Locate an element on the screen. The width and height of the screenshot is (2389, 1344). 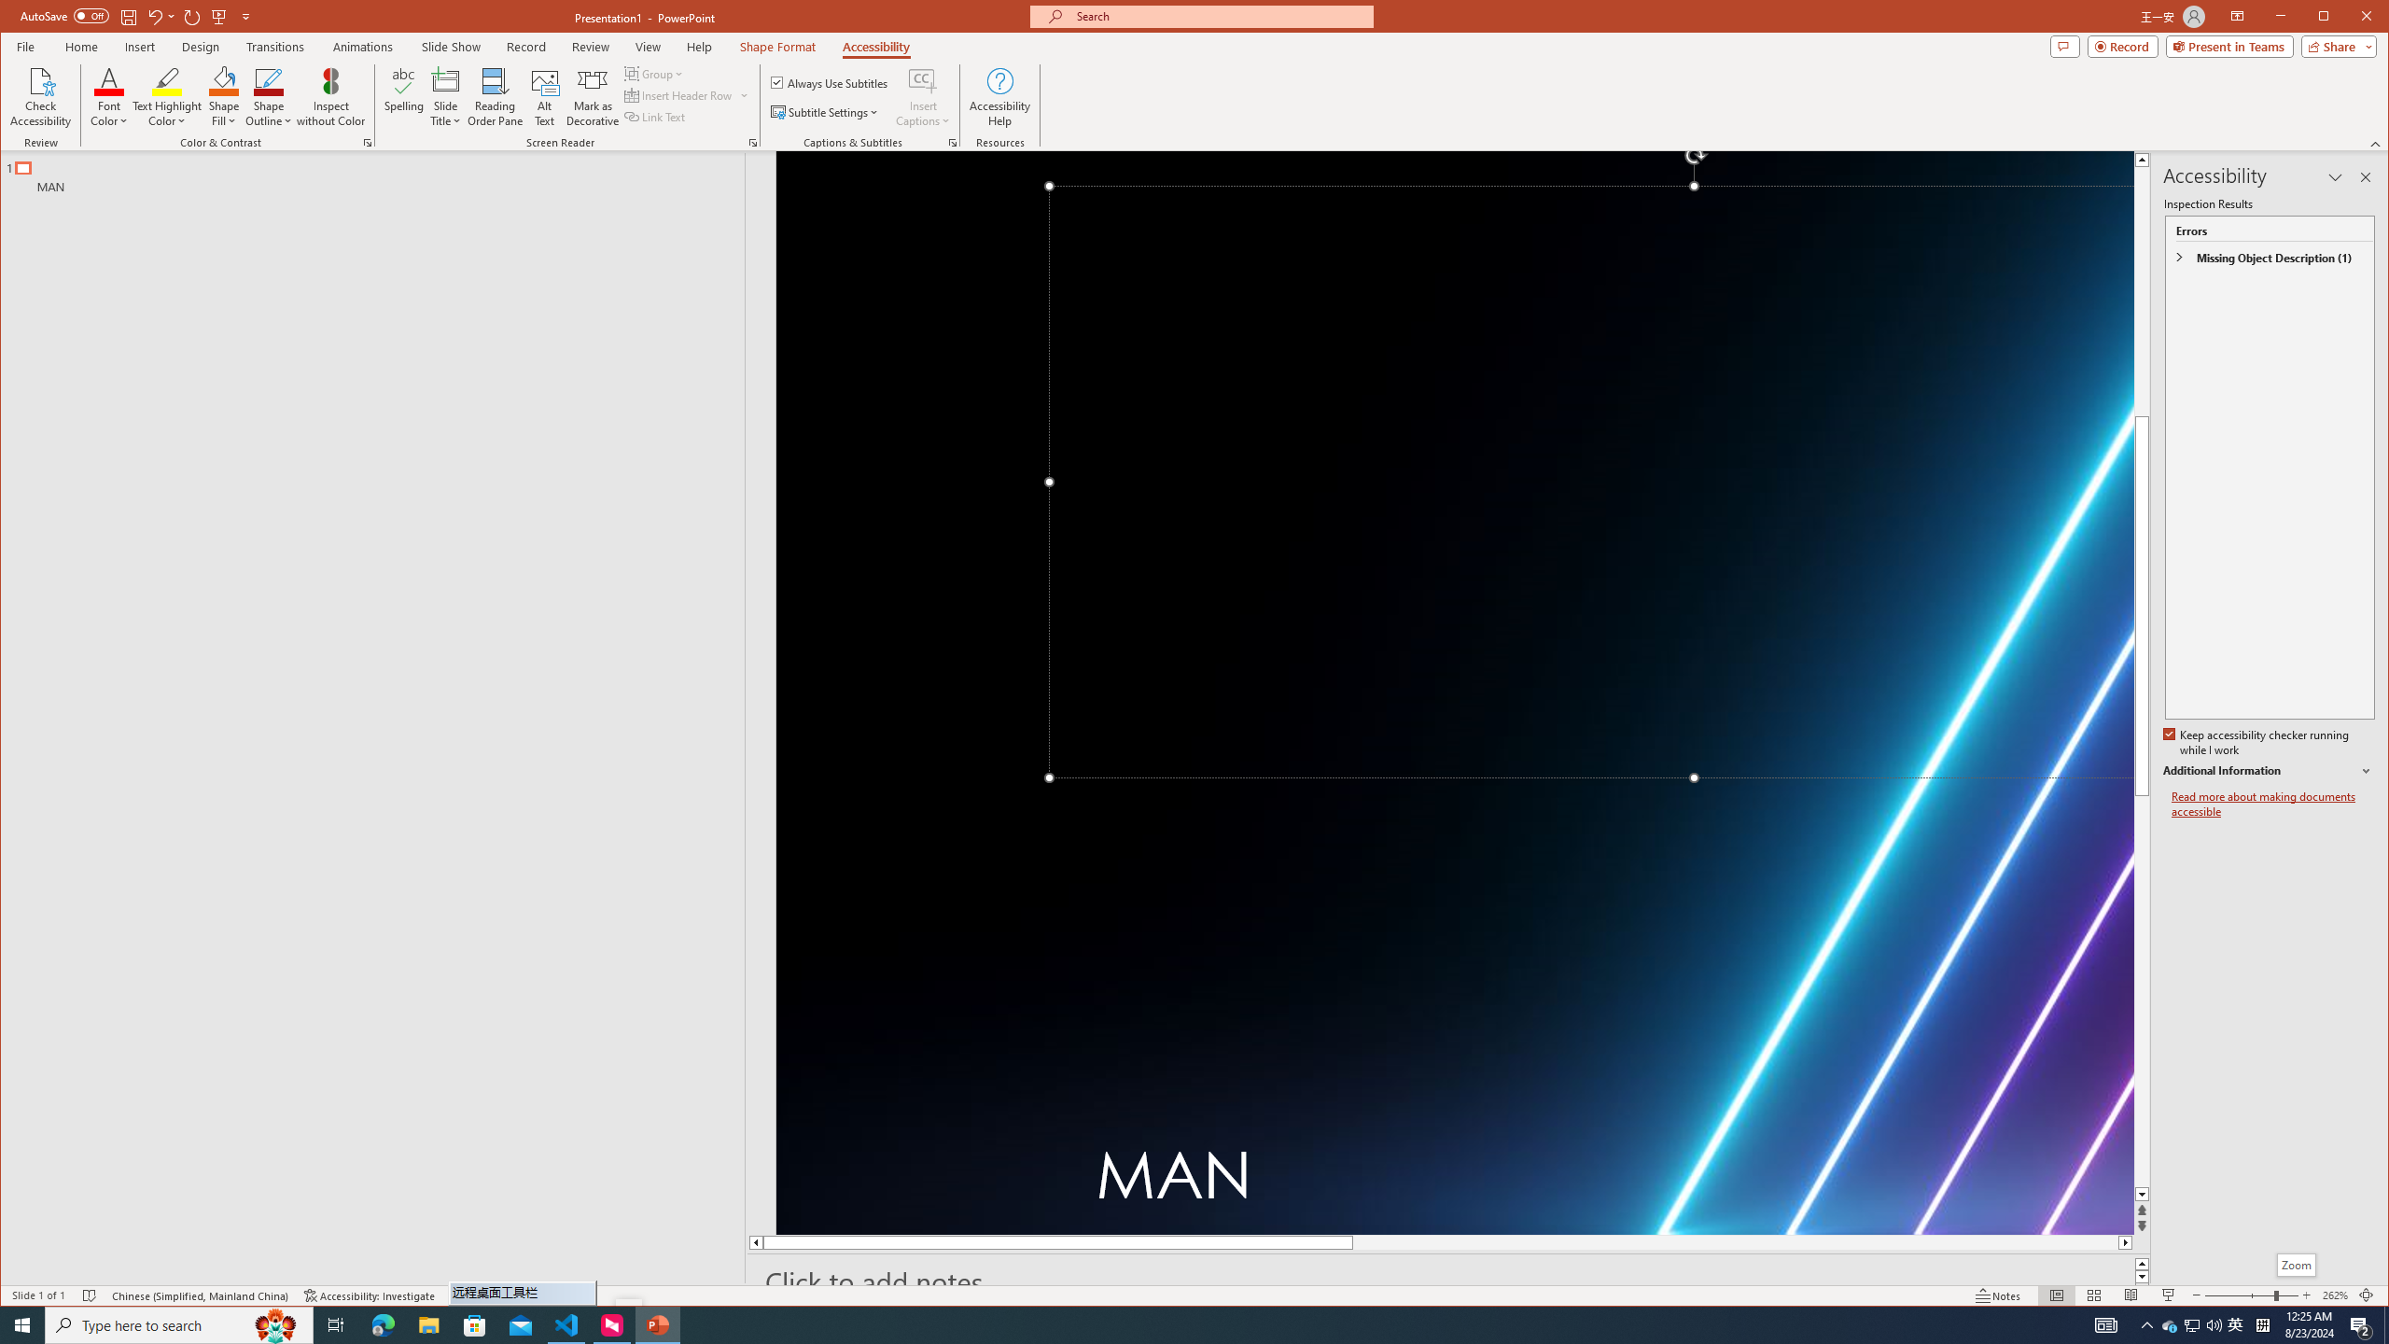
'Insert Header Row' is located at coordinates (686, 95).